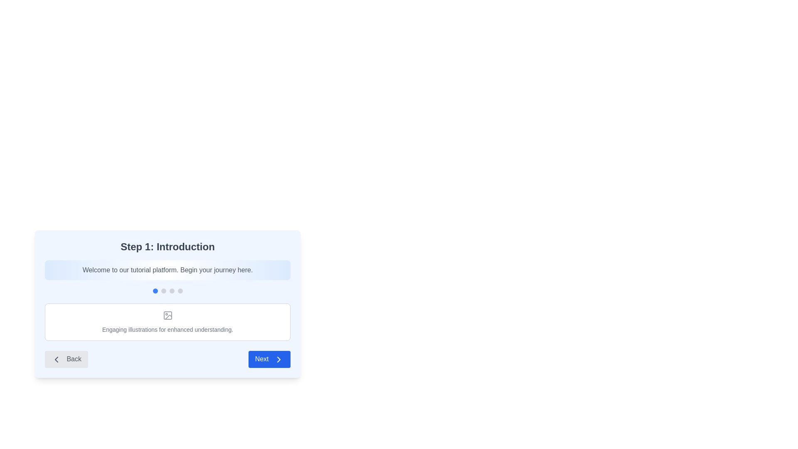  What do you see at coordinates (167, 316) in the screenshot?
I see `the image placeholder located centrally within the light-colored card component, which serves as a visual representation for illustrations above the text 'Engaging illustrations for enhanced understanding.'` at bounding box center [167, 316].